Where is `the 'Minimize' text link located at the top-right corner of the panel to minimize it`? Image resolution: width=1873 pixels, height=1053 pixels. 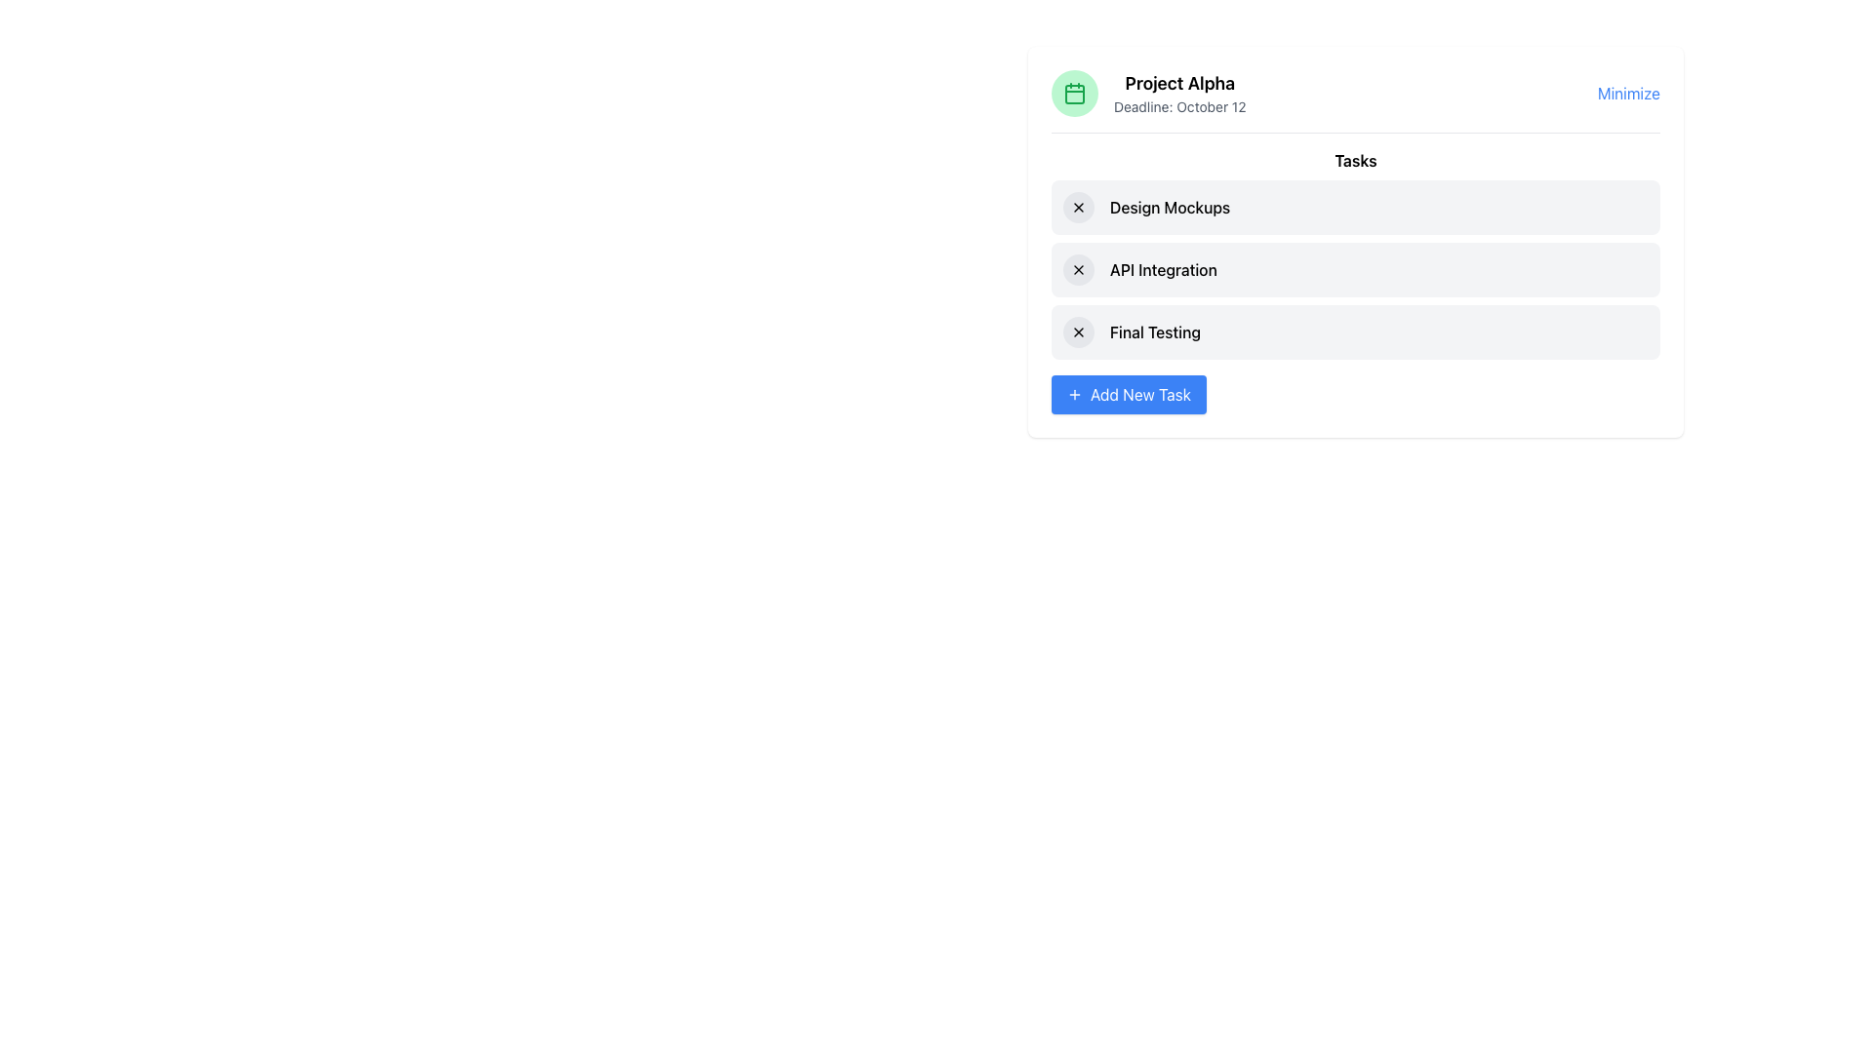
the 'Minimize' text link located at the top-right corner of the panel to minimize it is located at coordinates (1628, 94).